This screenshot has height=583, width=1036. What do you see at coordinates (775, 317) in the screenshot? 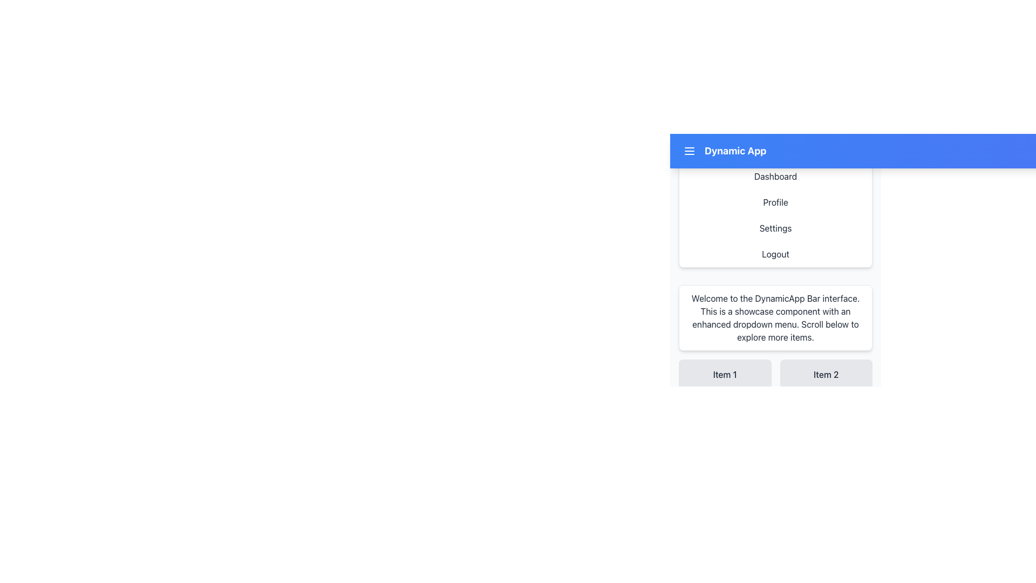
I see `informational text block located centrally below the dropdown menu and above the 'Item 1' and 'Item 2' buttons` at bounding box center [775, 317].